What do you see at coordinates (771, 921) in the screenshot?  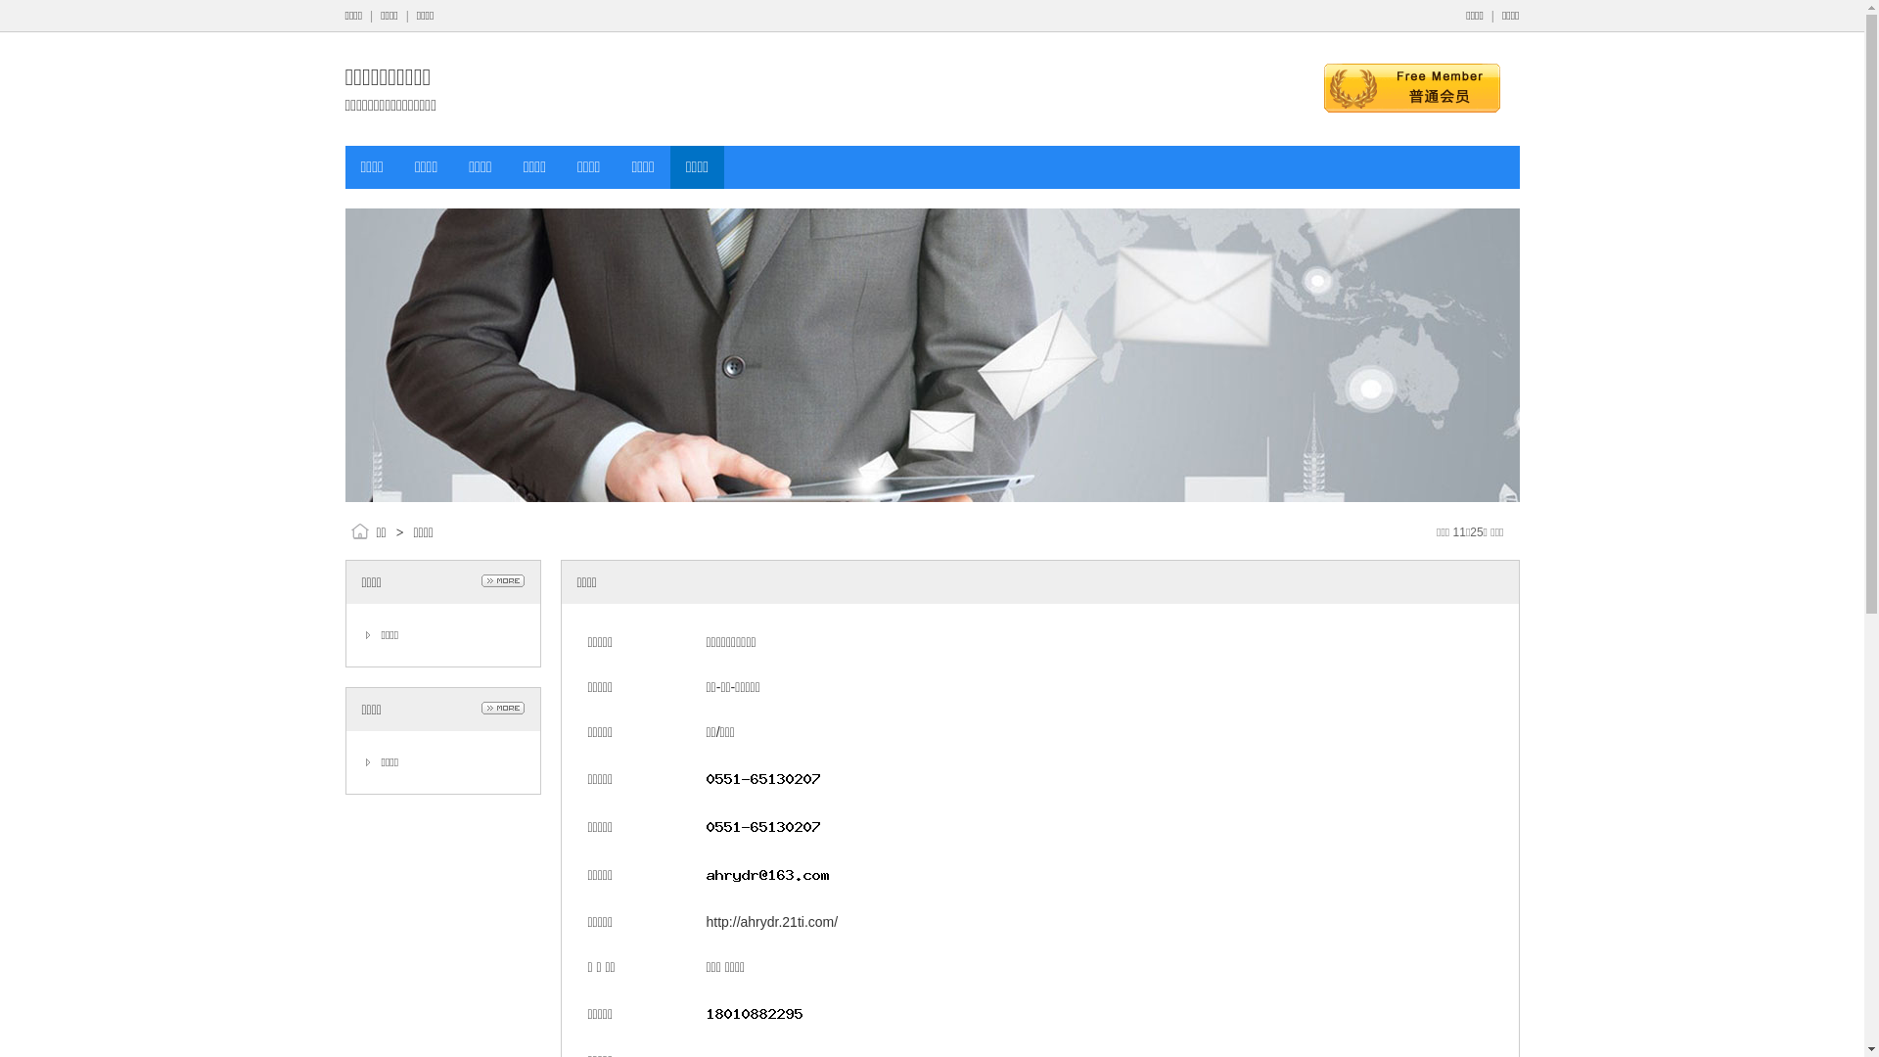 I see `'http://ahrydr.21ti.com/'` at bounding box center [771, 921].